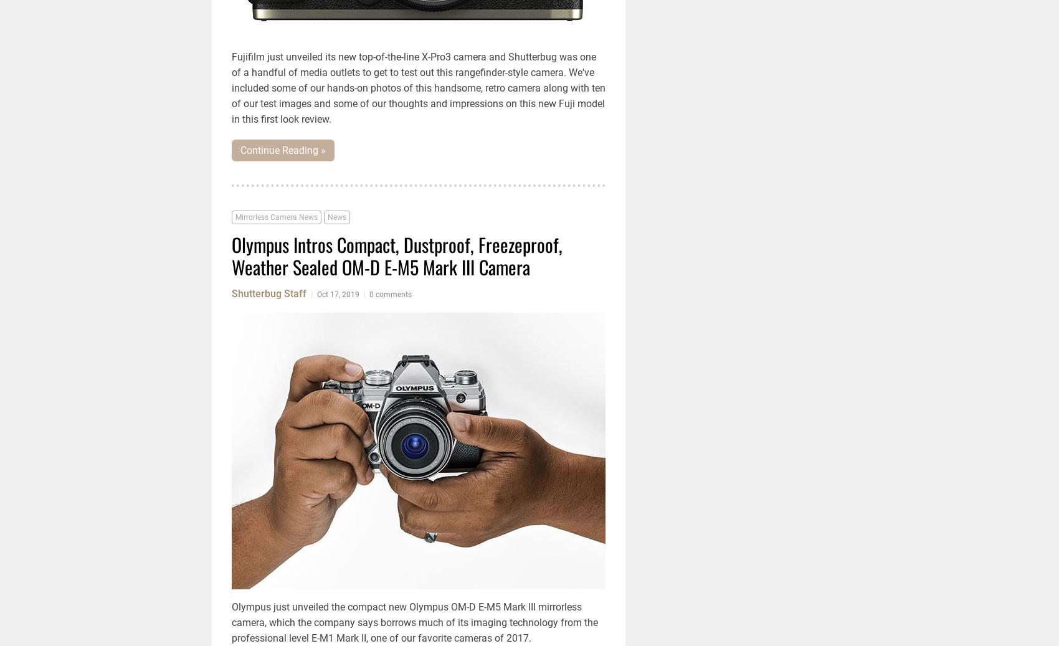 This screenshot has height=646, width=1059. Describe the element at coordinates (415, 622) in the screenshot. I see `'Olympus just unveiled the compact new Olympus OM-D E-M5 Mark III mirrorless camera, which the company says borrows much of its imaging technology from the professional level E-M1 Mark II, one of our favorite cameras of 2017.'` at that location.